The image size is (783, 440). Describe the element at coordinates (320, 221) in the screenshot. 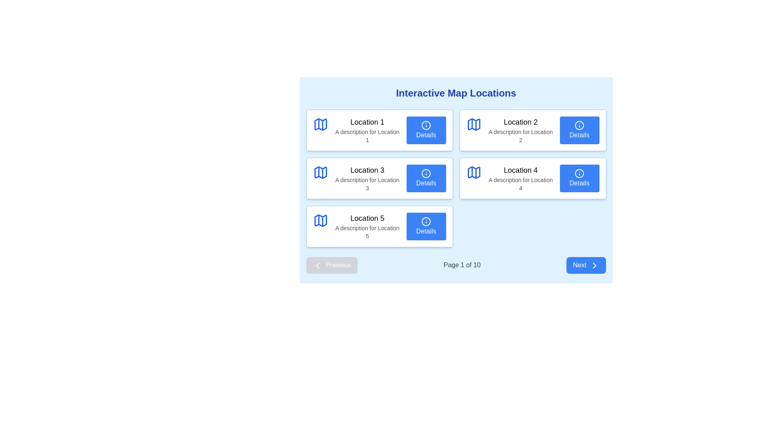

I see `the icon representing 'Location 5' in the bottom-left corner of the grid` at that location.